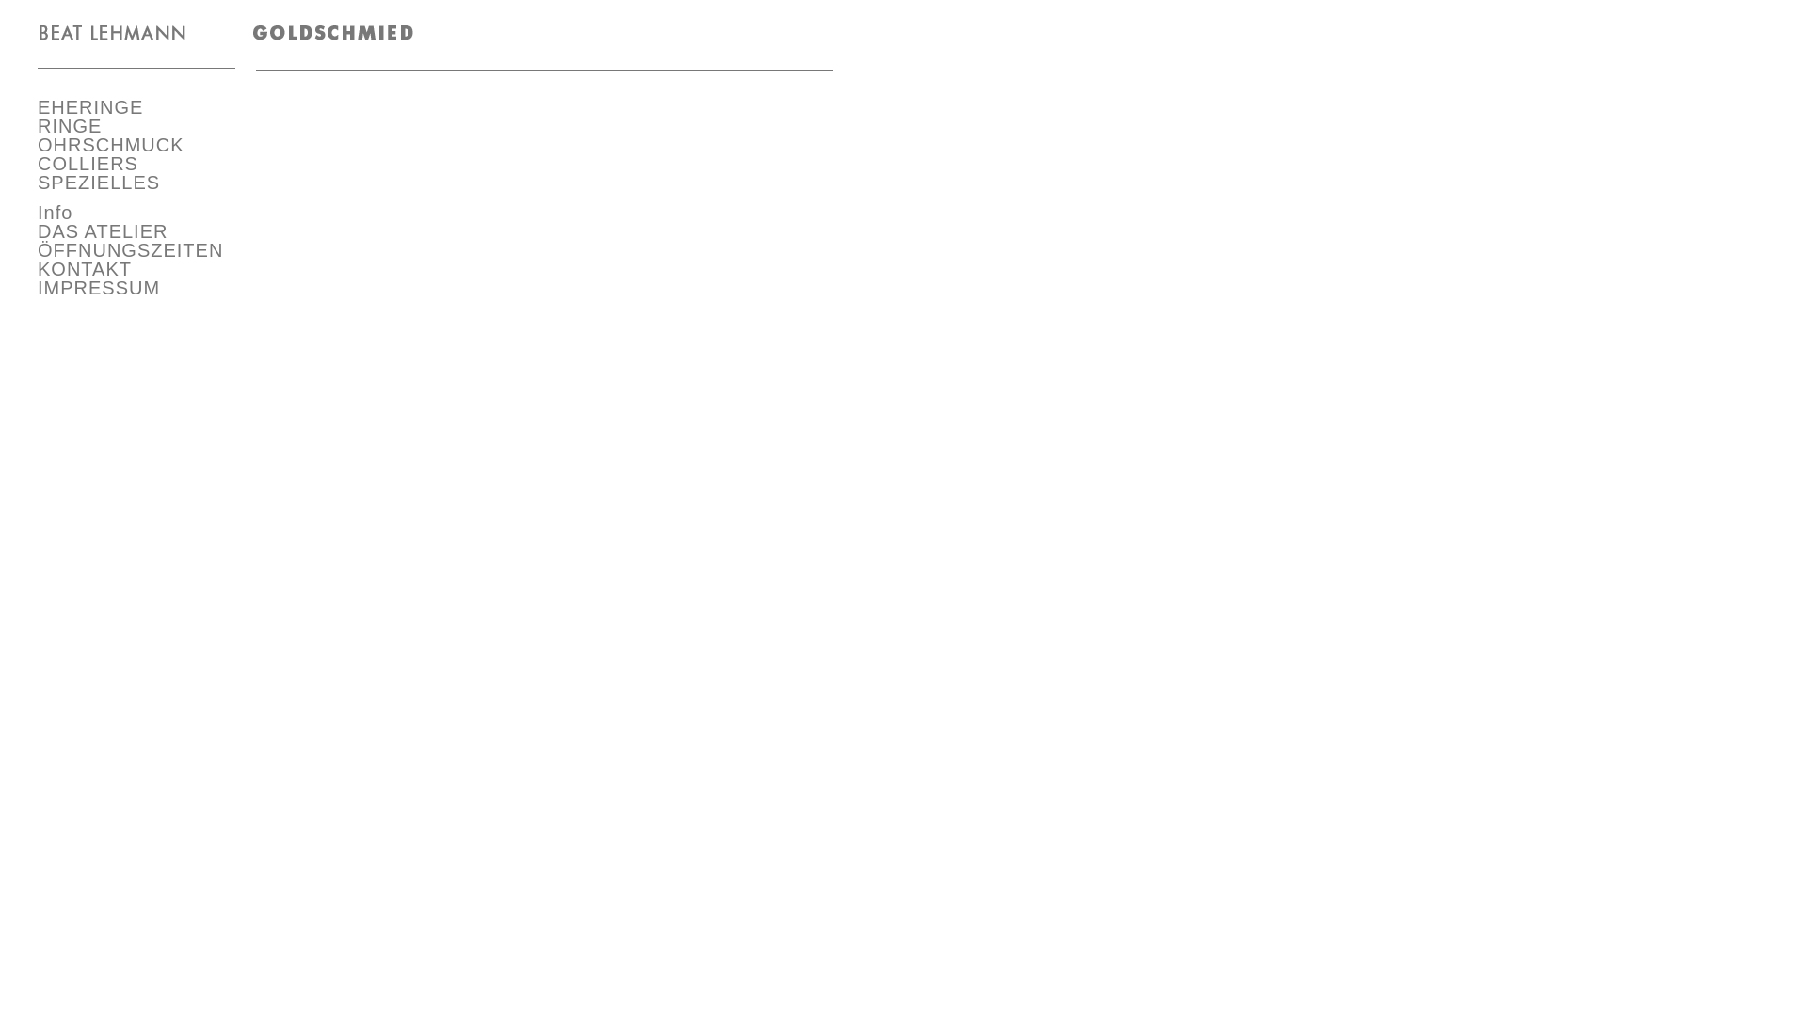  I want to click on 'EHERINGE', so click(89, 107).